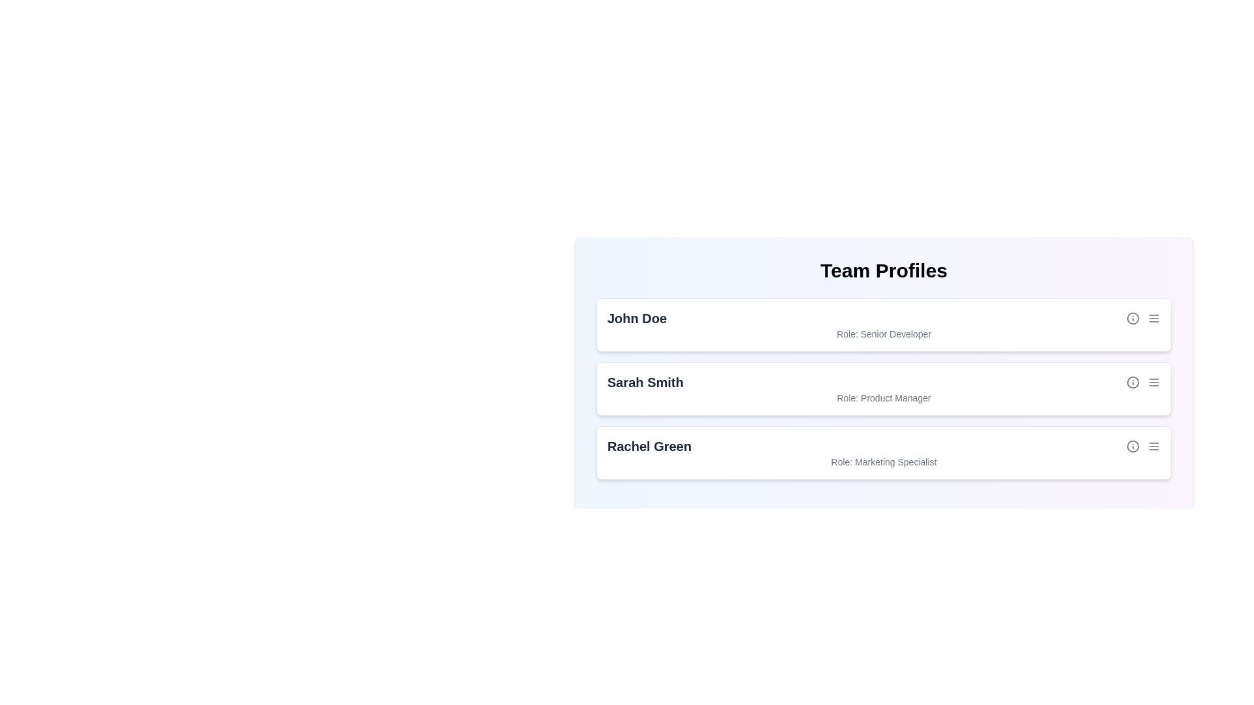  I want to click on the heading text element that serves as the title for the team profiles section, located at the top of the panel, so click(884, 270).